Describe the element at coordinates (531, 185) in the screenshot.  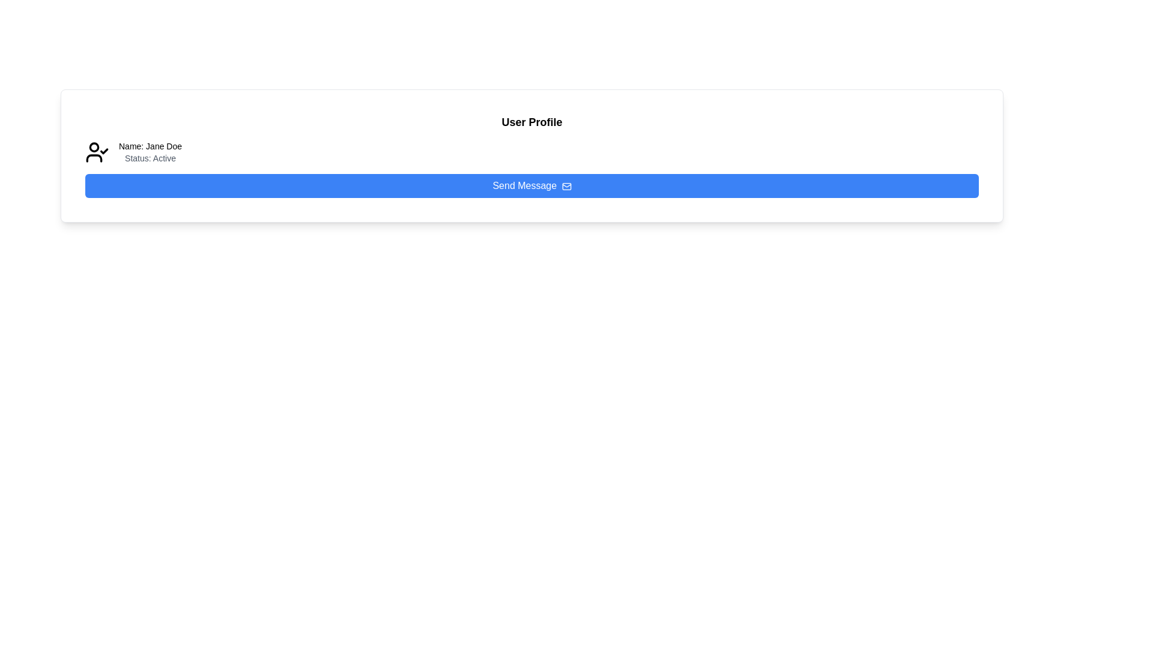
I see `the blue 'Send Message' button with an envelope icon located below the status information of 'Name: Jane Doe Status: Active' in the 'User Profile' section` at that location.